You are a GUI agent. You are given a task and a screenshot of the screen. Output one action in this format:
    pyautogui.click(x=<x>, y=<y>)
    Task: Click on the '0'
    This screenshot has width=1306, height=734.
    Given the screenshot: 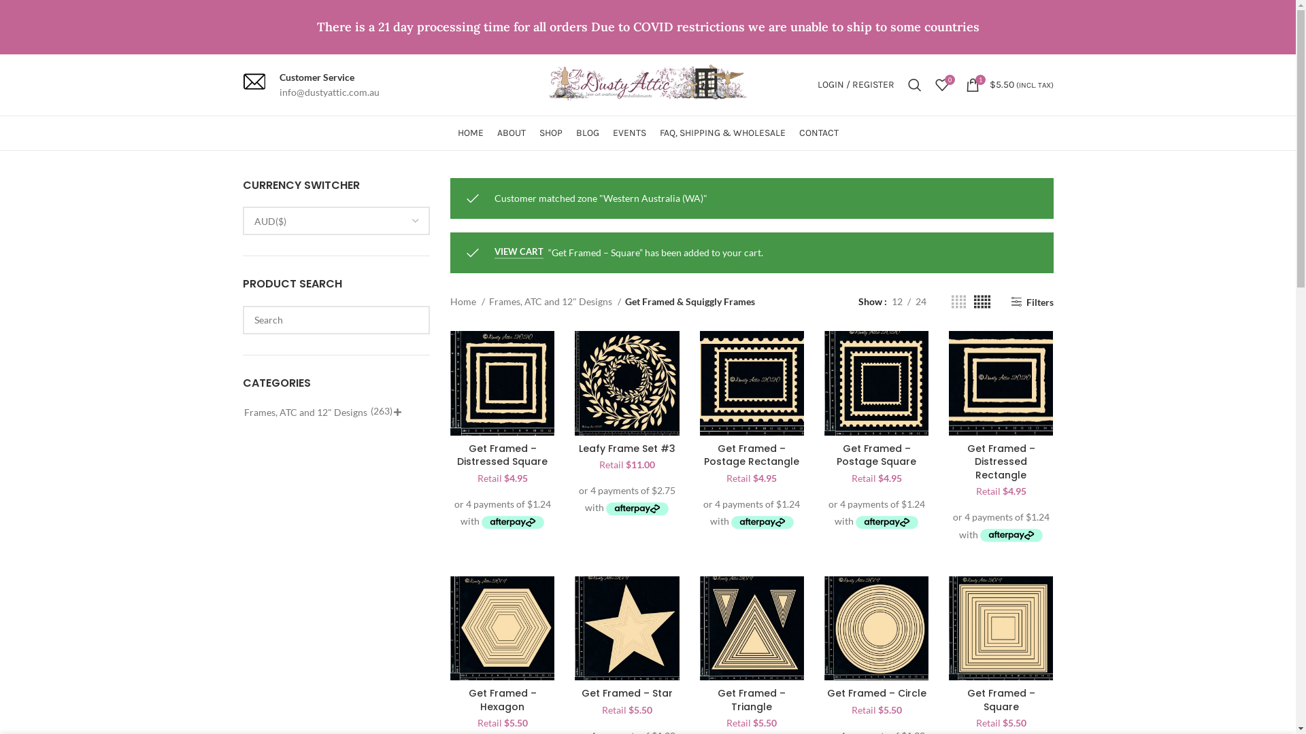 What is the action you would take?
    pyautogui.click(x=940, y=84)
    